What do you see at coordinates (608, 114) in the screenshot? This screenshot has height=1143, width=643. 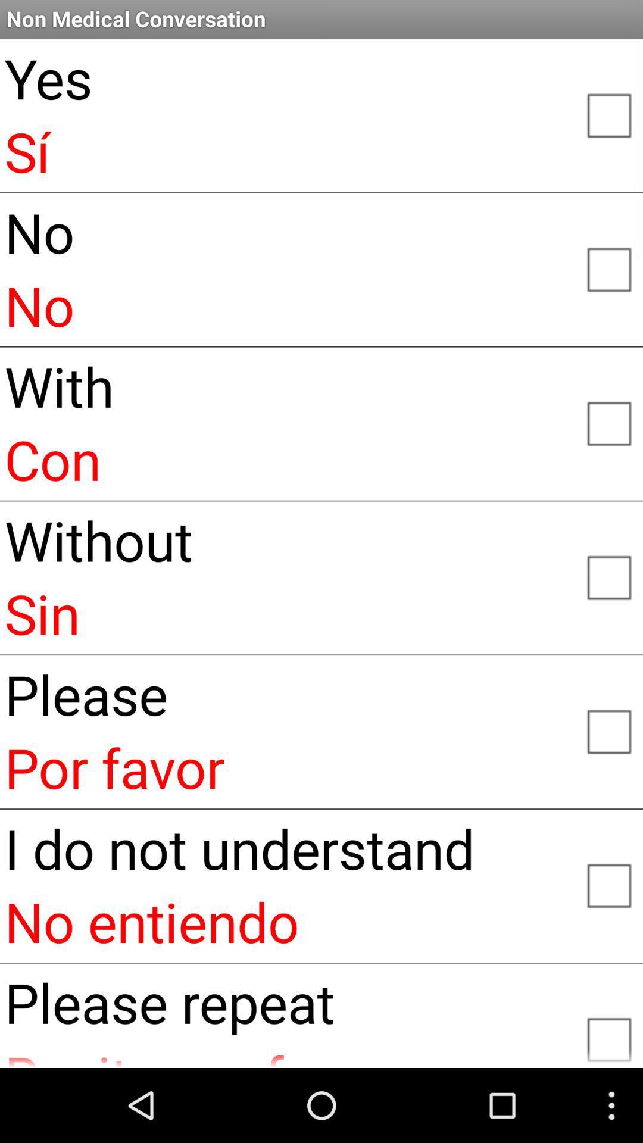 I see `the 'yes option` at bounding box center [608, 114].